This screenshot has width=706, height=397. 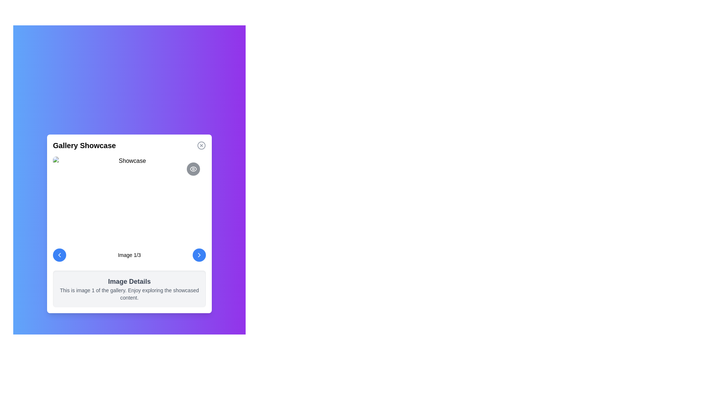 What do you see at coordinates (60, 255) in the screenshot?
I see `the 'Previous' navigation icon located in the bottom-left corner of the modal interface` at bounding box center [60, 255].